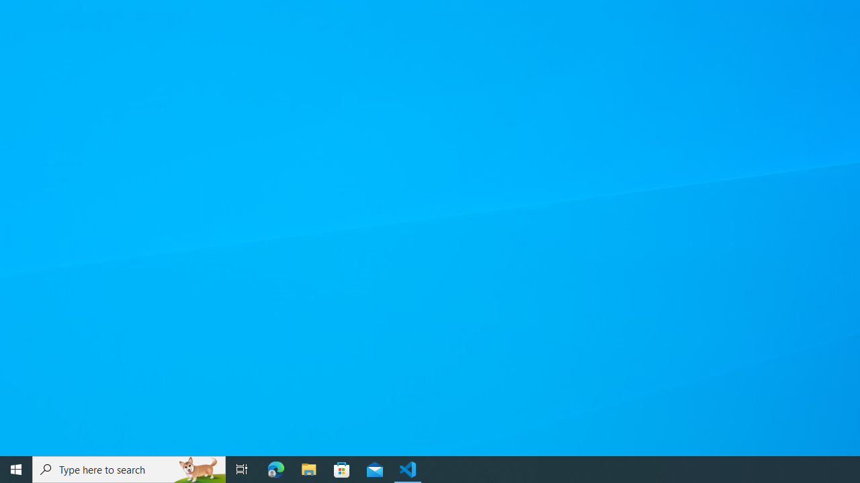 This screenshot has width=860, height=483. I want to click on 'Search highlights icon opens search home window', so click(198, 468).